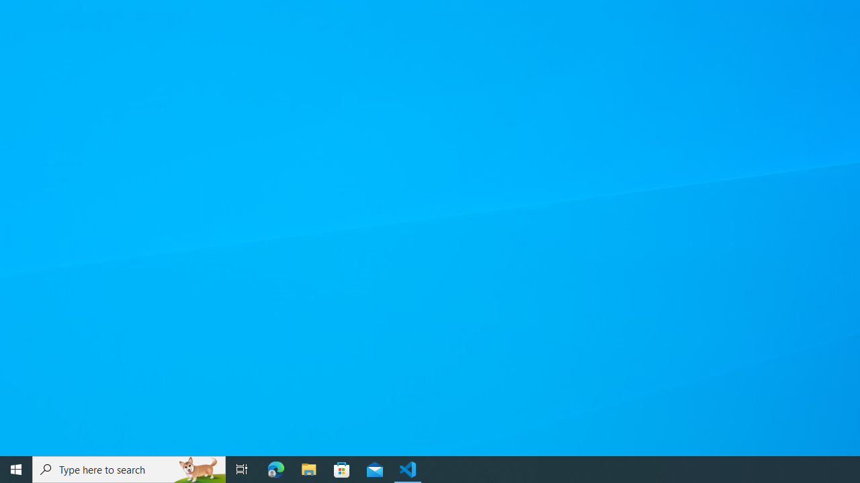 This screenshot has width=860, height=483. I want to click on 'Search highlights icon opens search home window', so click(198, 468).